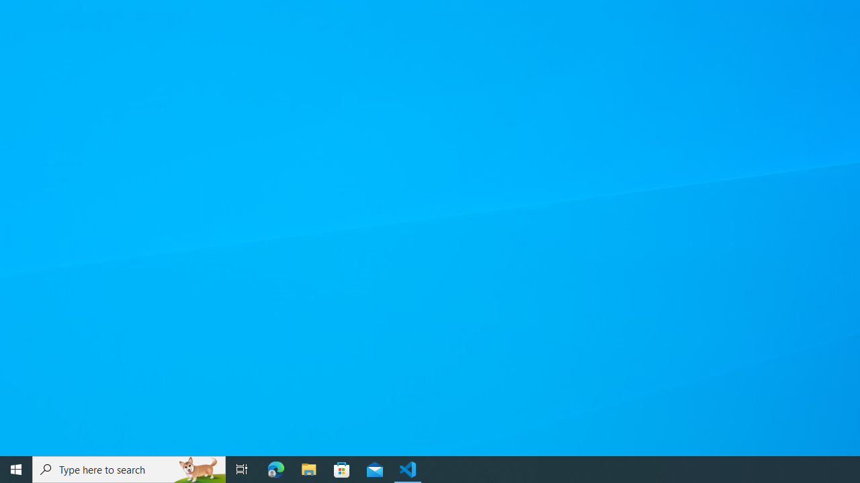 This screenshot has width=860, height=483. I want to click on 'Search highlights icon opens search home window', so click(198, 468).